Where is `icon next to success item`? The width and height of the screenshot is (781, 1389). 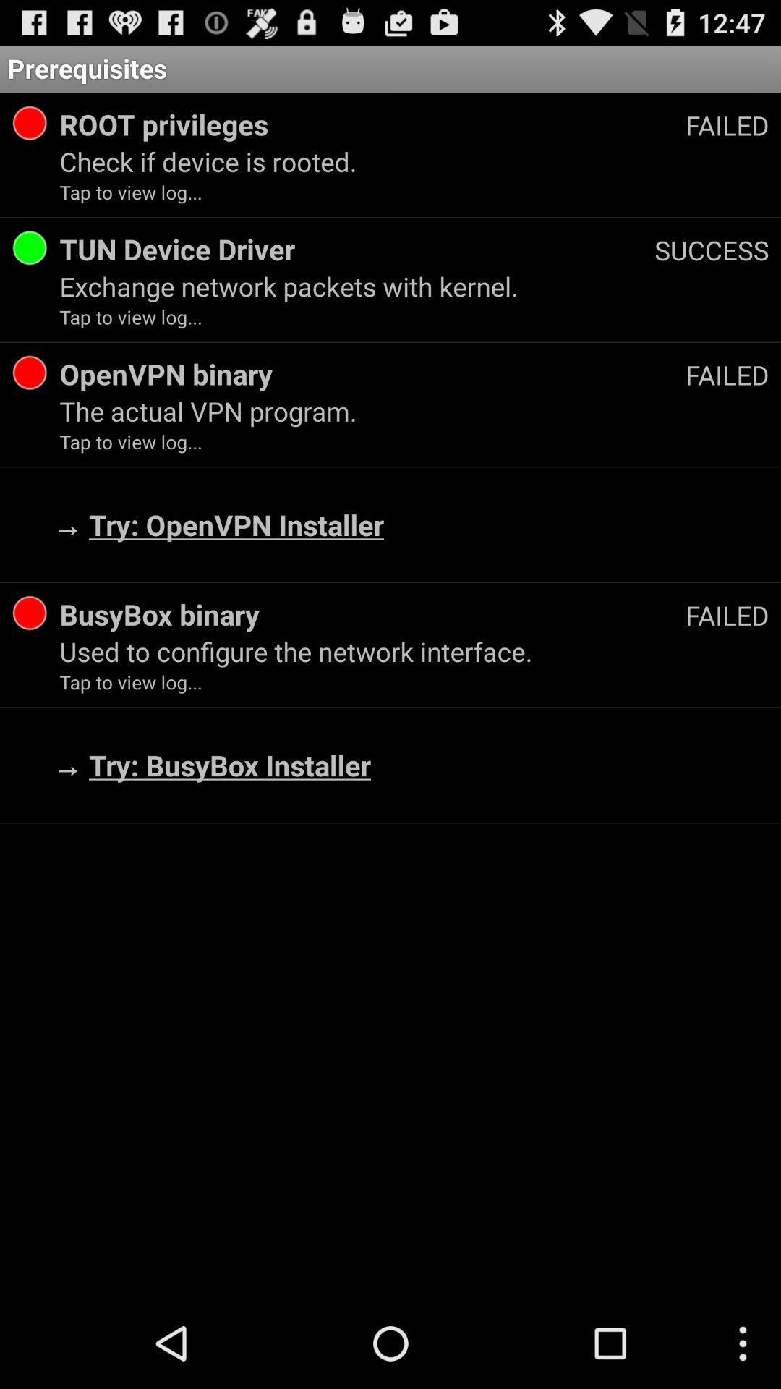 icon next to success item is located at coordinates (357, 249).